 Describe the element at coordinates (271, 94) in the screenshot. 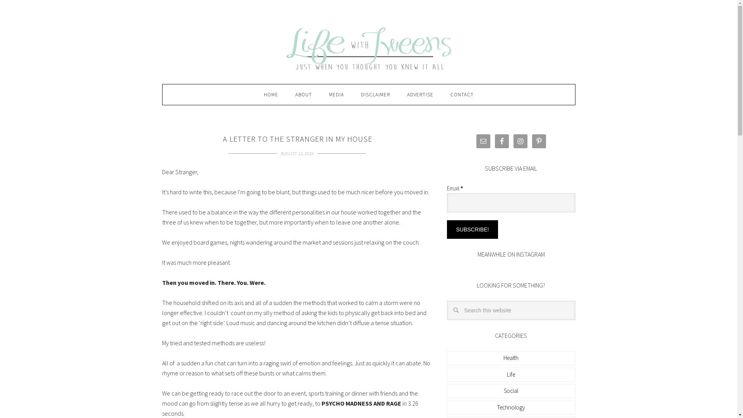

I see `'HOME'` at that location.